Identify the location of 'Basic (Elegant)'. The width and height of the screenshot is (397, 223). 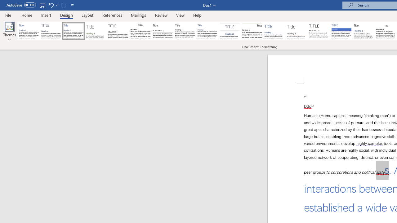
(51, 31).